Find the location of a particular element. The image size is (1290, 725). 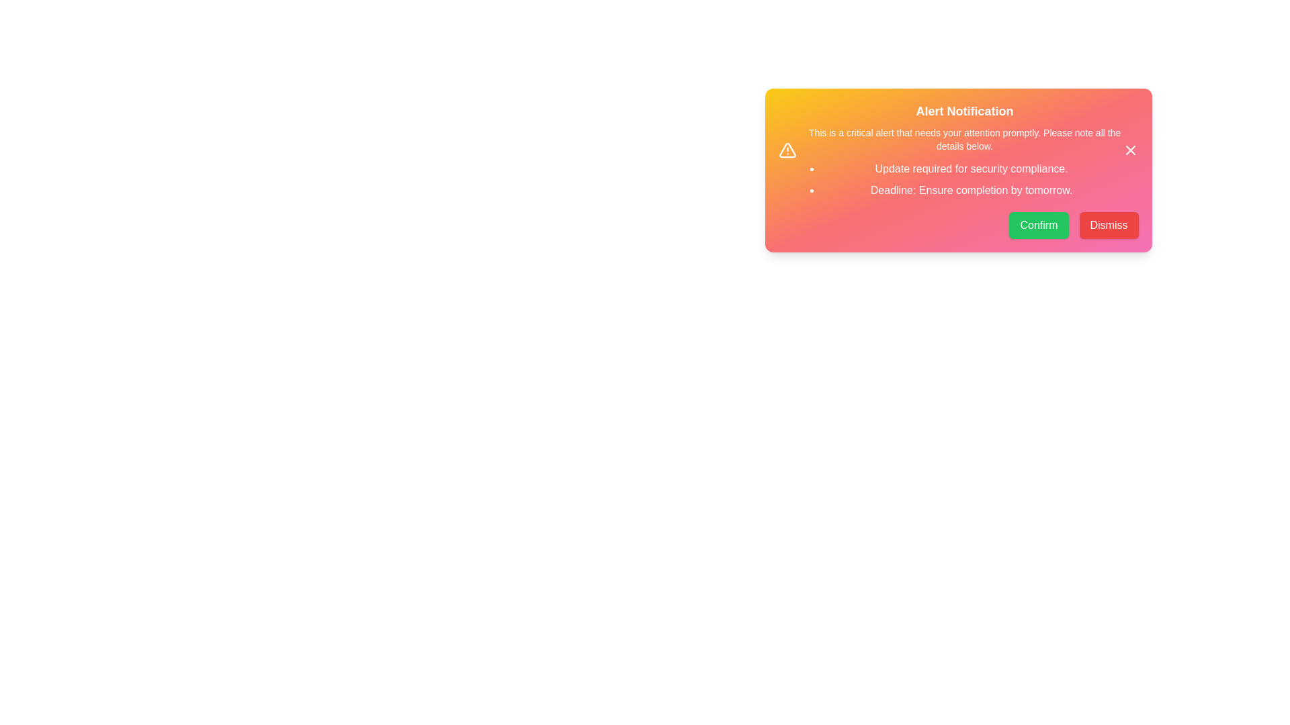

the close button located at the top-right corner of the alert is located at coordinates (1129, 150).